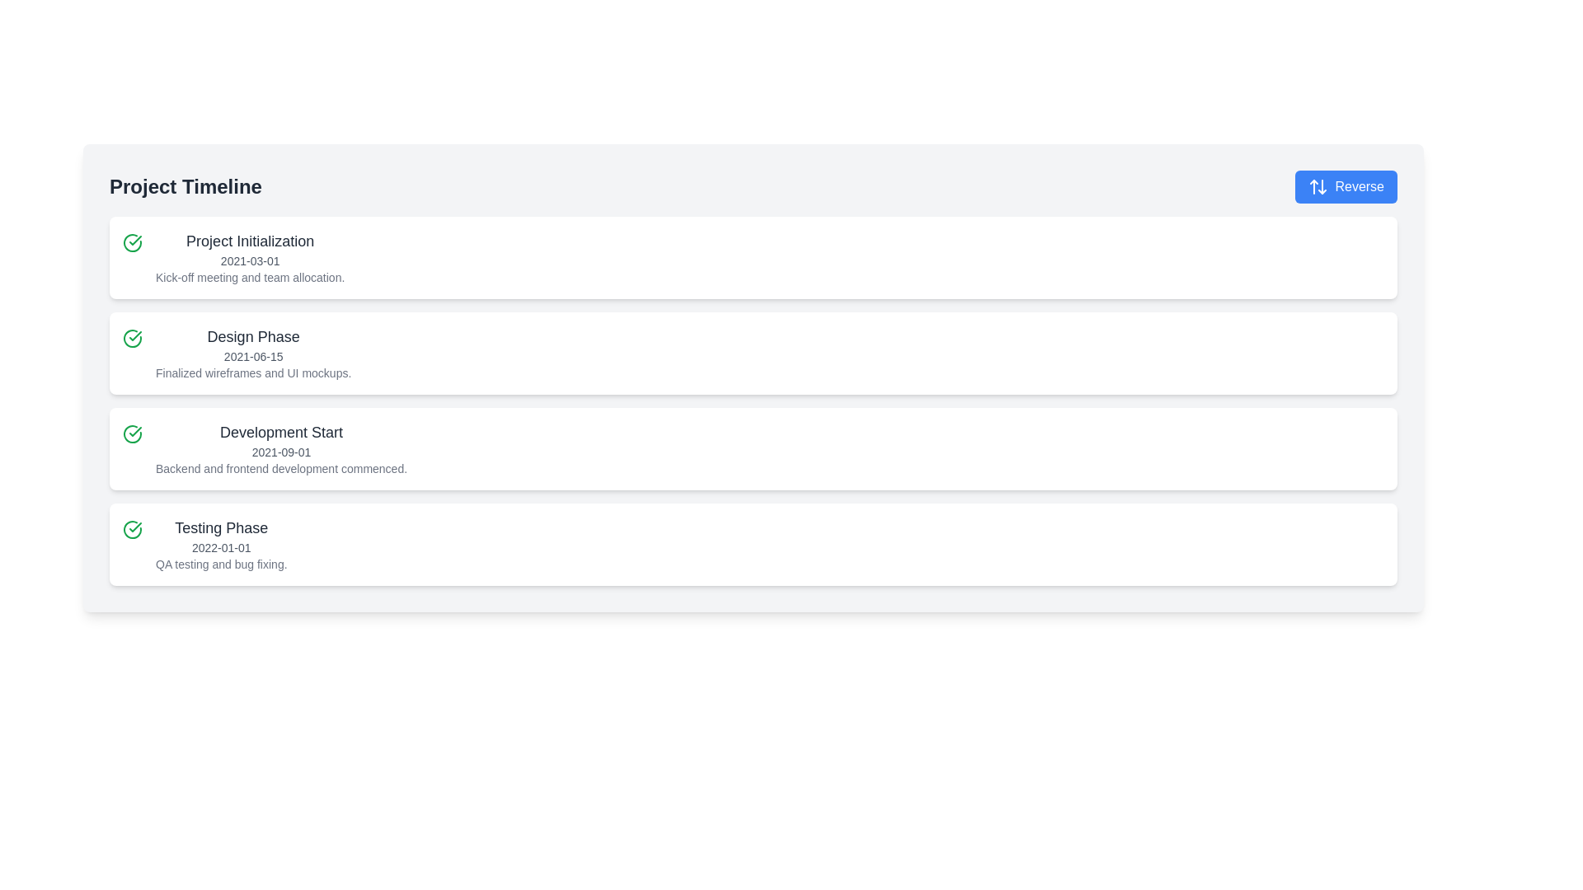  I want to click on the Text Label that represents the date associated with the 'Design Phase' milestone in the timeline, located below the 'Design Phase' title and above the description text, so click(252, 355).